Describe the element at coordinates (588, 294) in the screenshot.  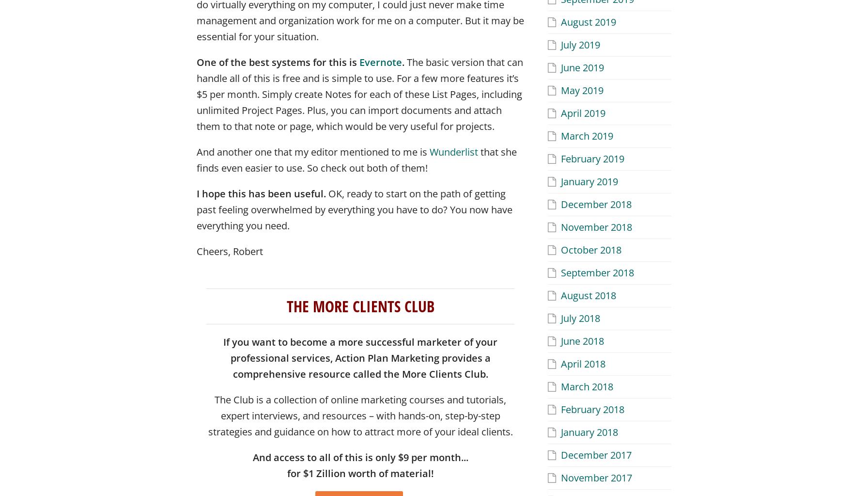
I see `'August 2018'` at that location.